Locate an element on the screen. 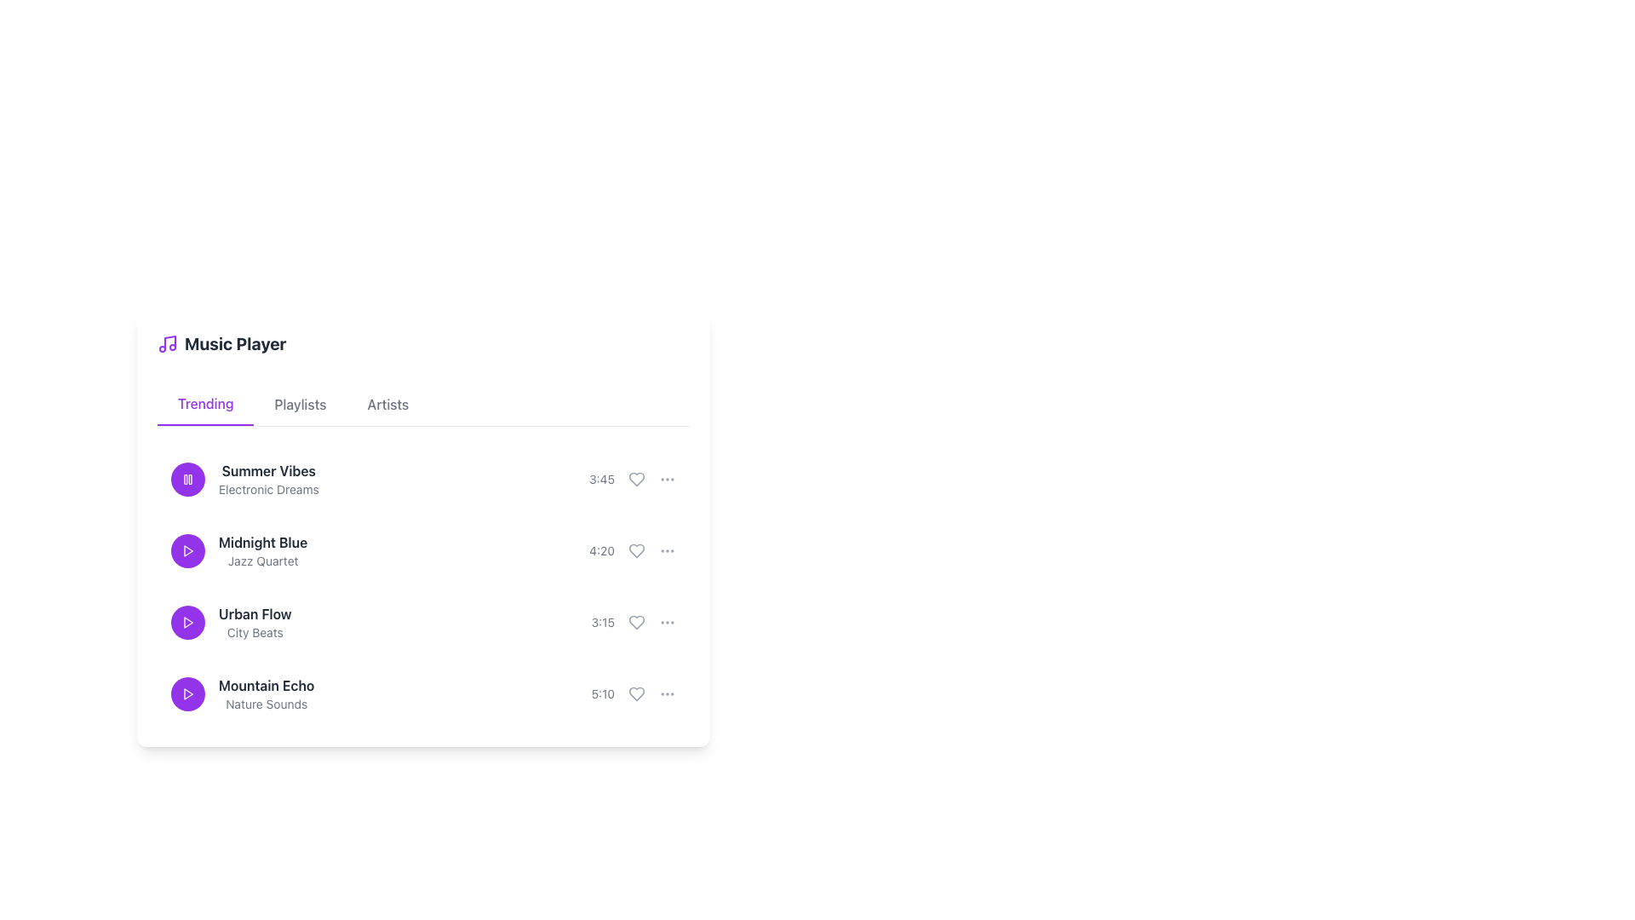 The width and height of the screenshot is (1635, 920). text label displaying the title 'Mountain Echo' and the category 'Nature Sounds', located in the bottom row of a vertically stacked list within the music playlist application, to the right of the purple circular play button is located at coordinates (266, 693).